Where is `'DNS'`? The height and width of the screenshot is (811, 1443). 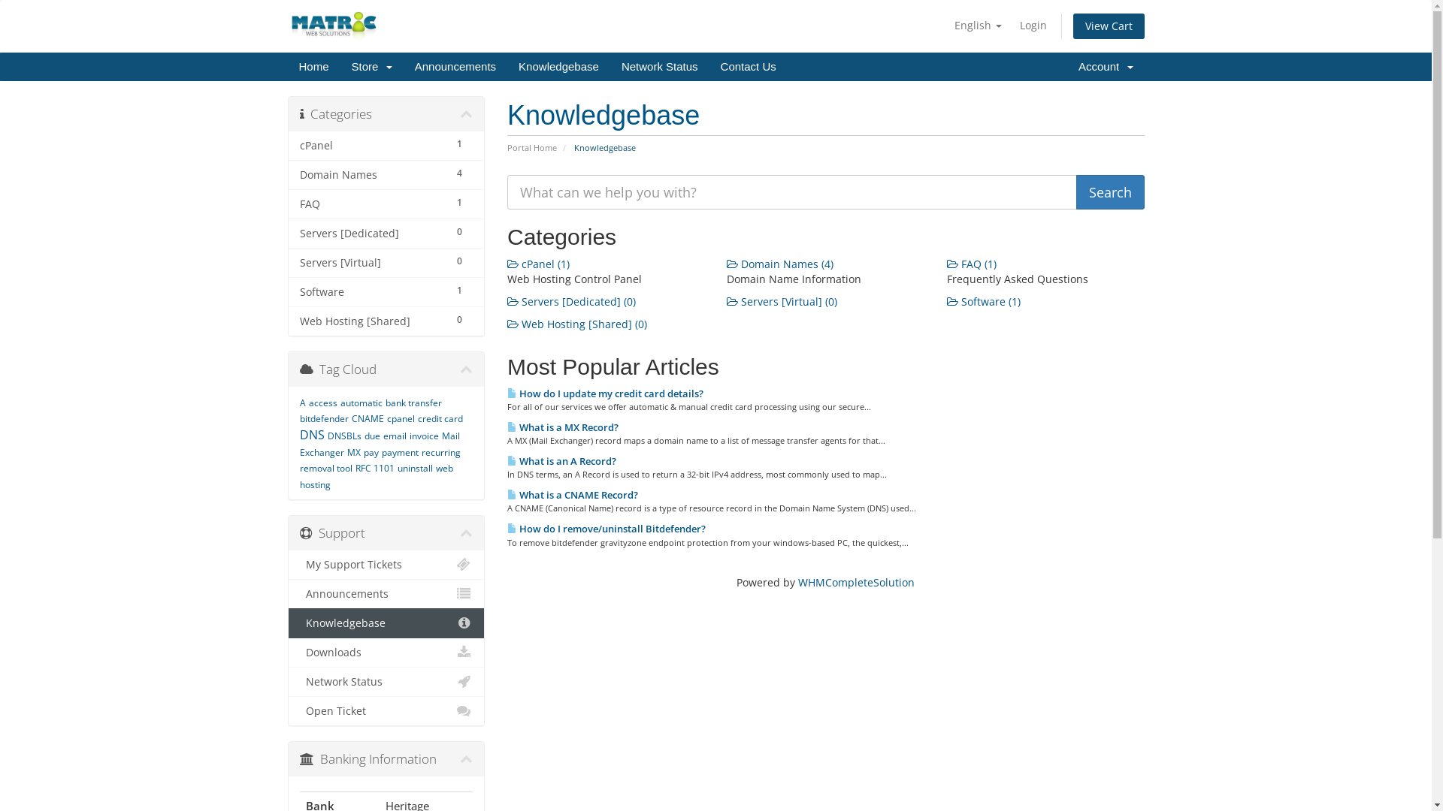 'DNS' is located at coordinates (310, 434).